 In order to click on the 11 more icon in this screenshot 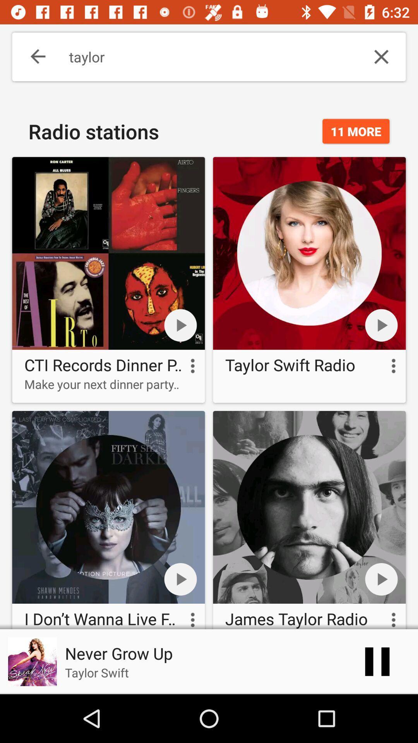, I will do `click(356, 131)`.